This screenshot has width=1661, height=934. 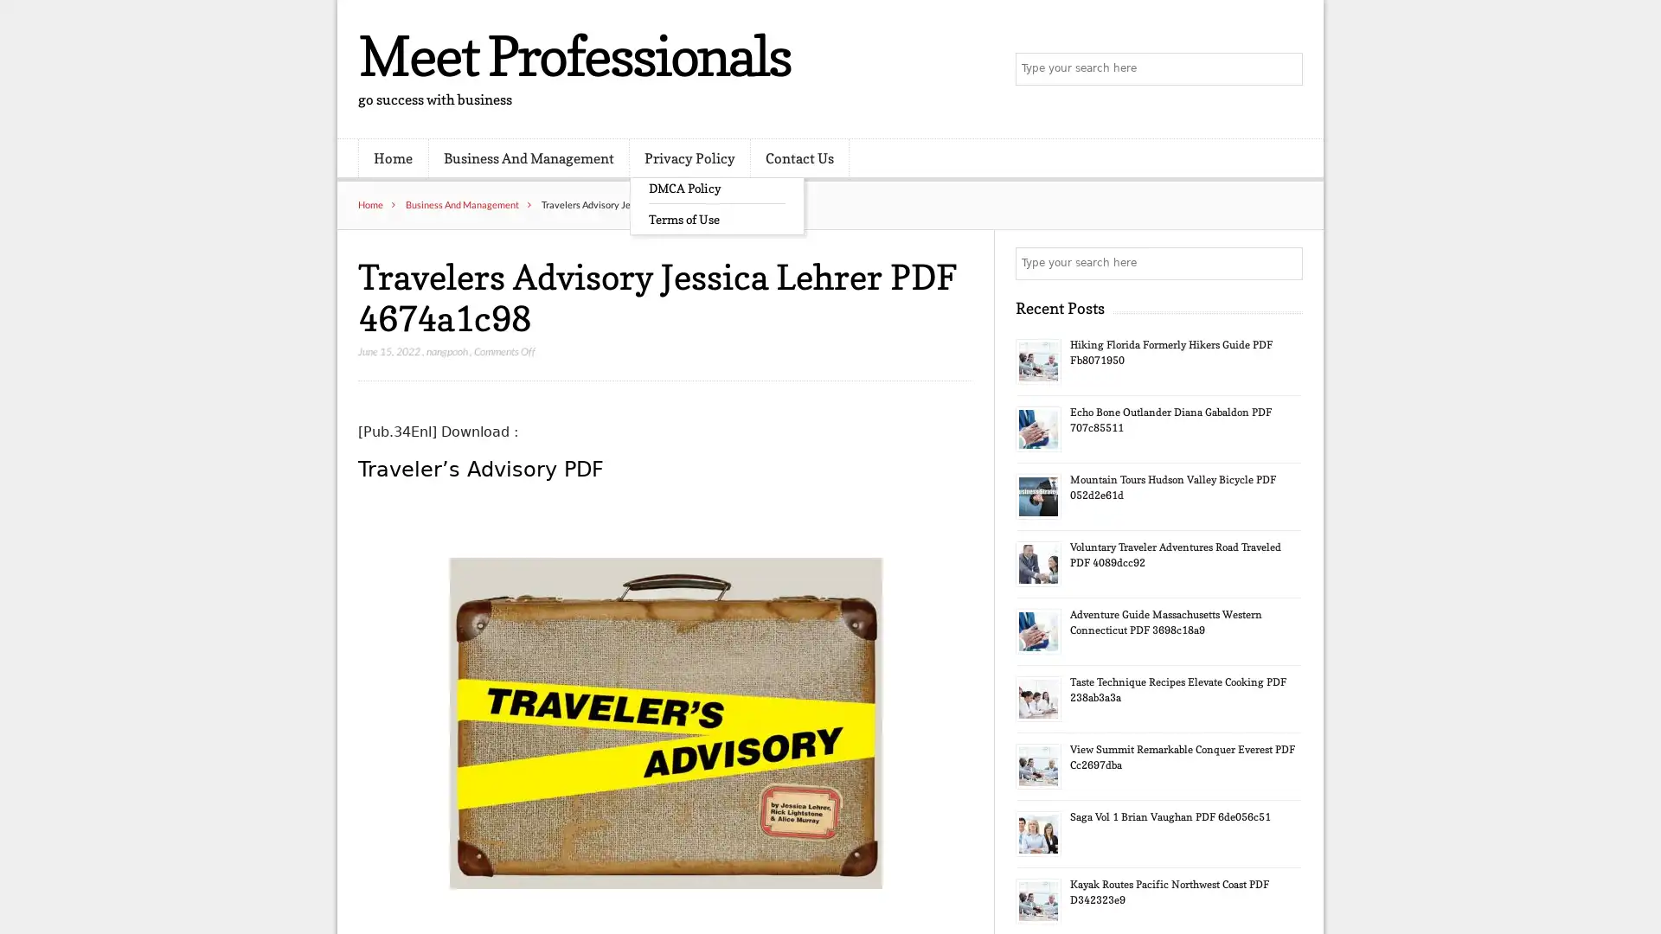 I want to click on Search, so click(x=1285, y=69).